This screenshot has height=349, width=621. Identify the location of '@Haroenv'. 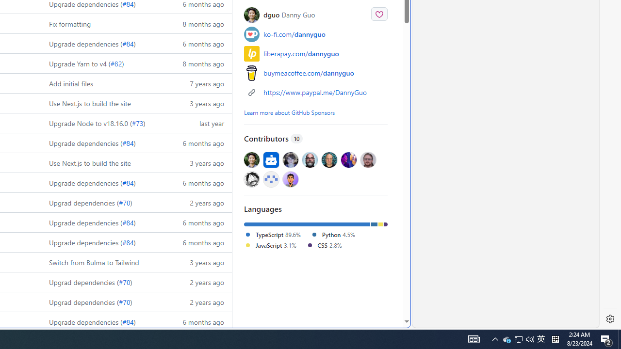
(348, 159).